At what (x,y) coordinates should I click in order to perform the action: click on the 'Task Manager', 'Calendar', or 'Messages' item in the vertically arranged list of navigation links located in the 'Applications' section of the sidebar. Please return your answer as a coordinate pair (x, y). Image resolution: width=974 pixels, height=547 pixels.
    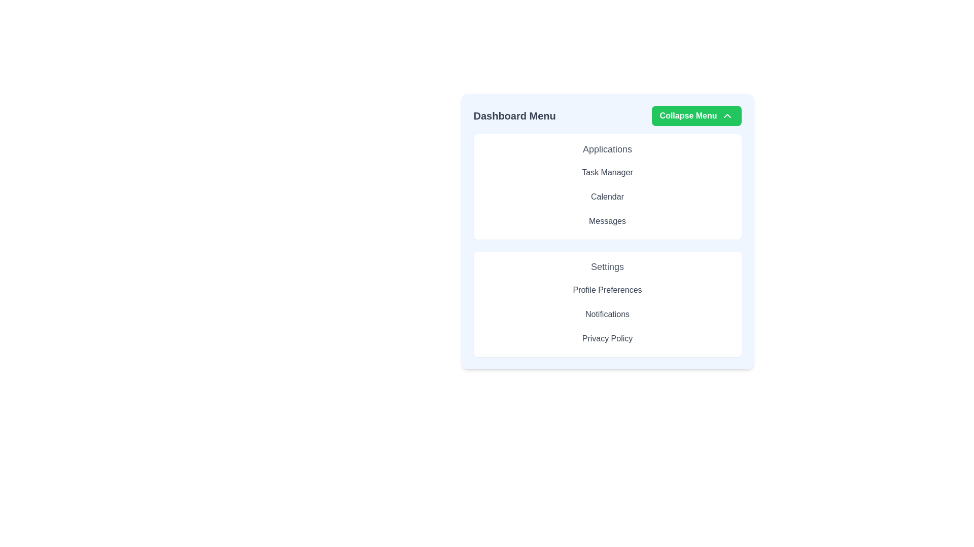
    Looking at the image, I should click on (607, 197).